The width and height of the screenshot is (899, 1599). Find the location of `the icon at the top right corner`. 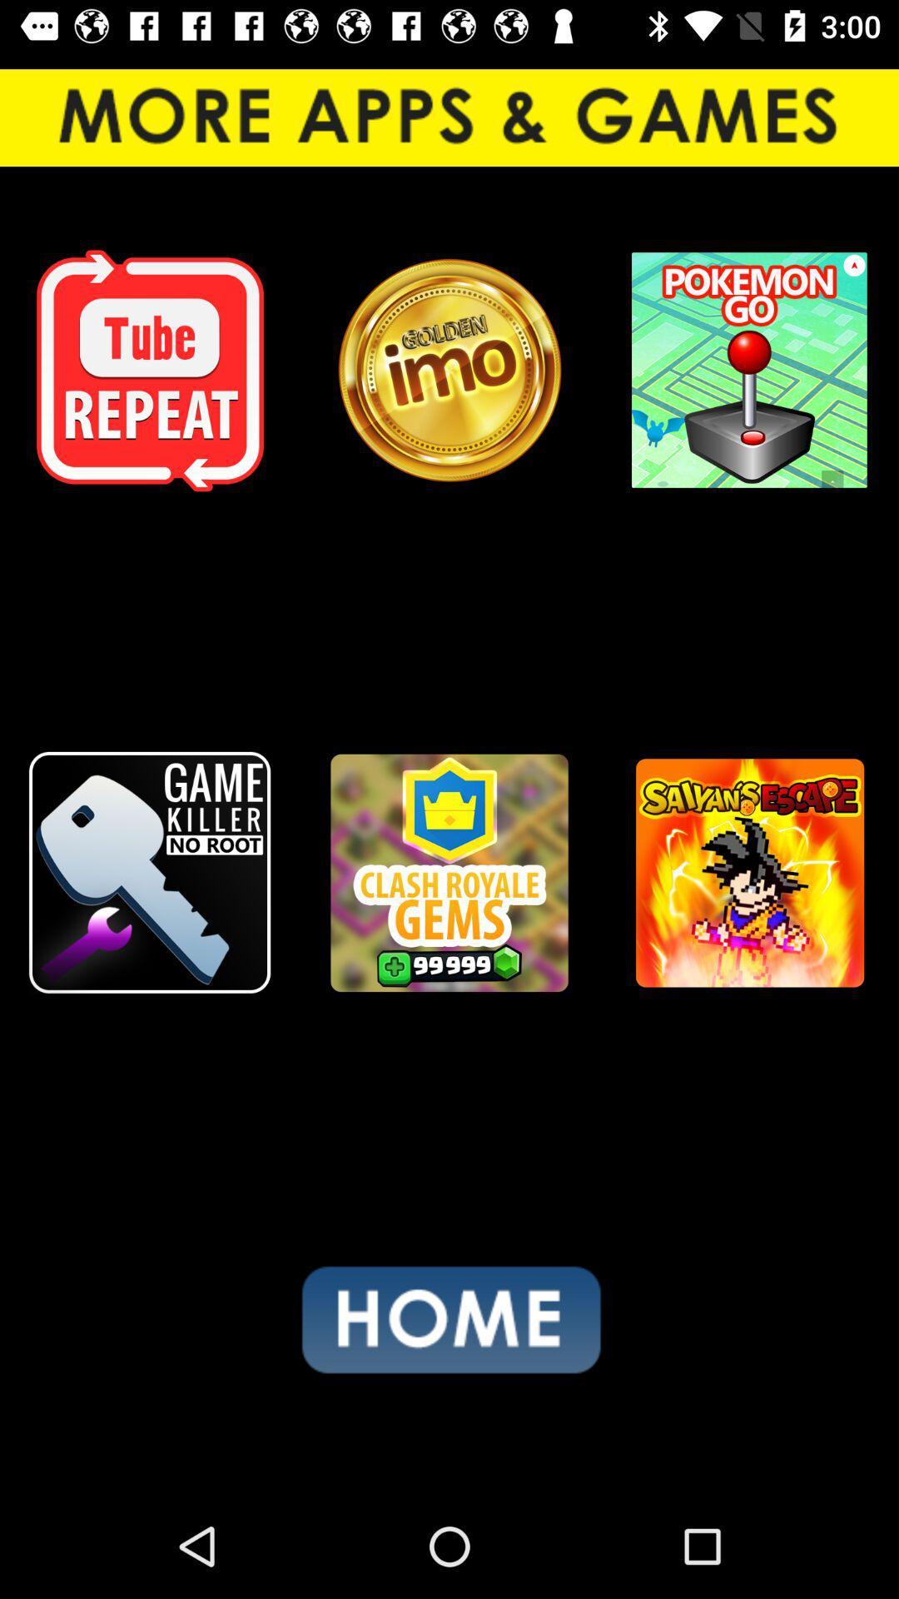

the icon at the top right corner is located at coordinates (748, 370).